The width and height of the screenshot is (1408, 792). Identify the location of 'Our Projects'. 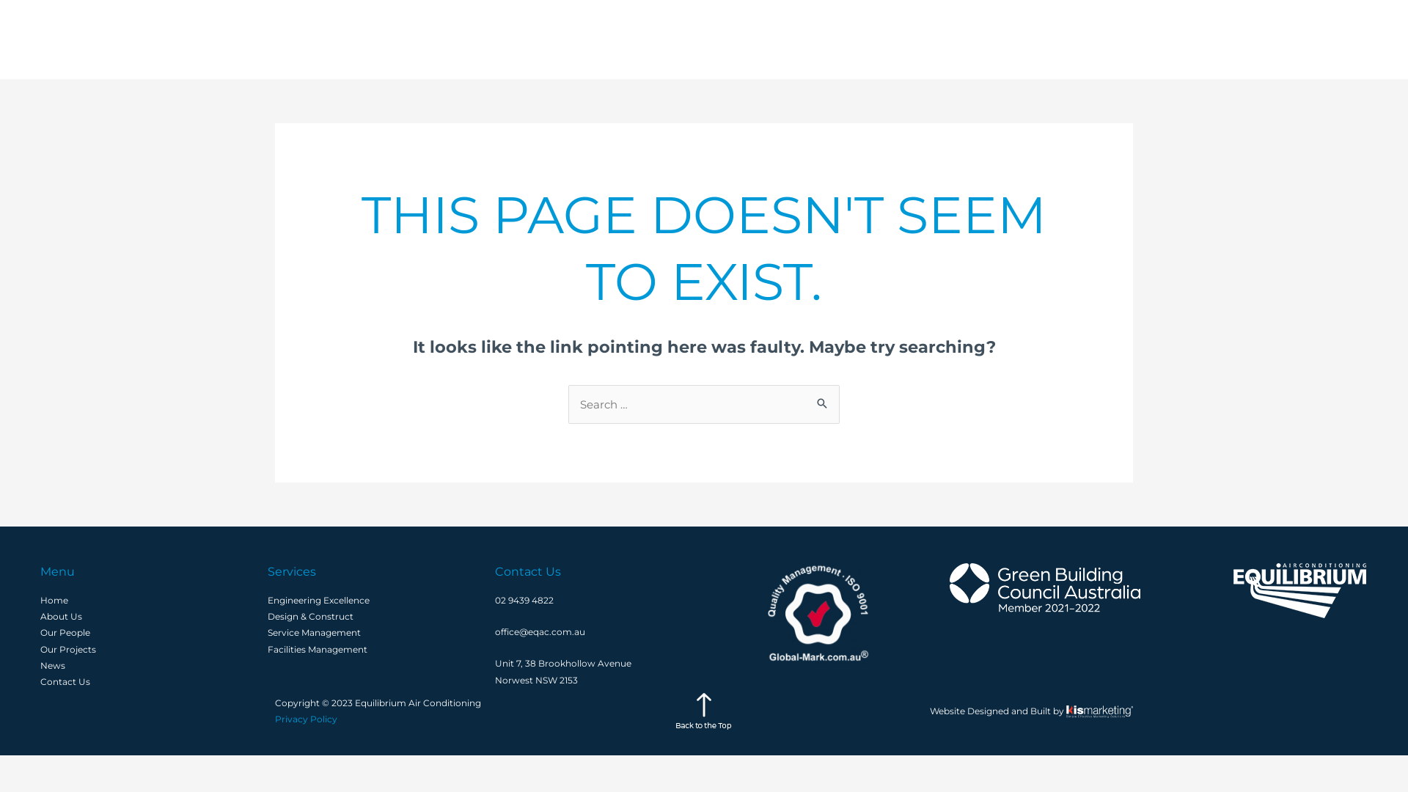
(1126, 39).